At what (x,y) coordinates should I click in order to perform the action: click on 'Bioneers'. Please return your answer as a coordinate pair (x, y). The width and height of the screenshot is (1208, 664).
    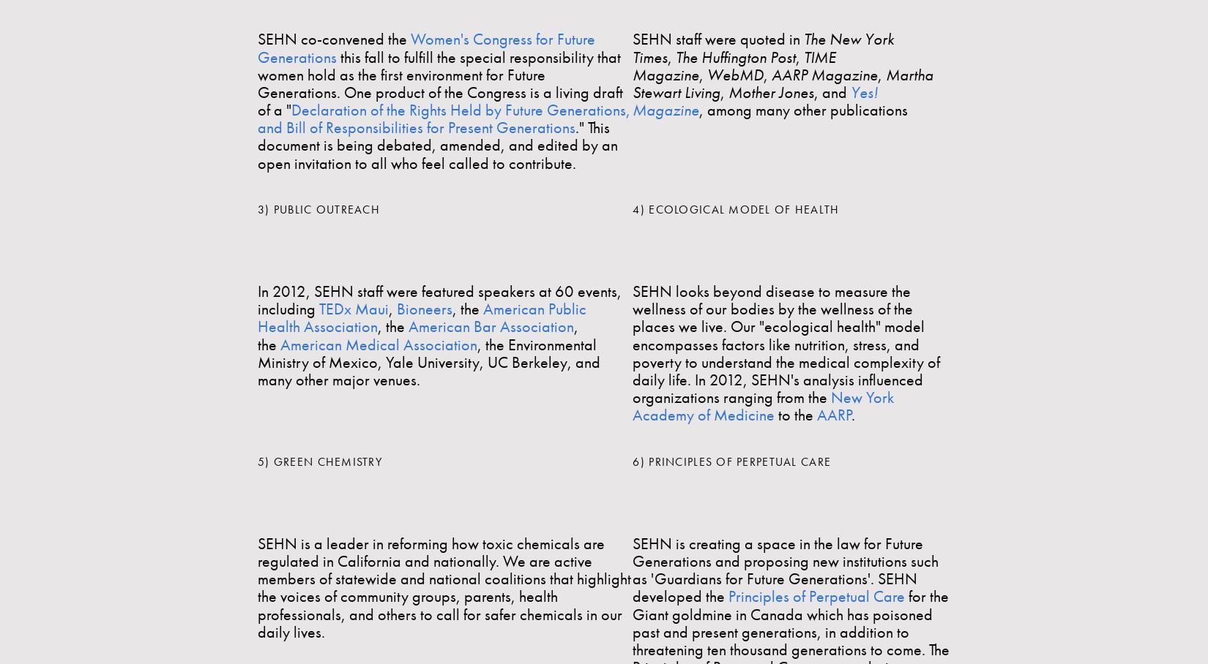
    Looking at the image, I should click on (396, 309).